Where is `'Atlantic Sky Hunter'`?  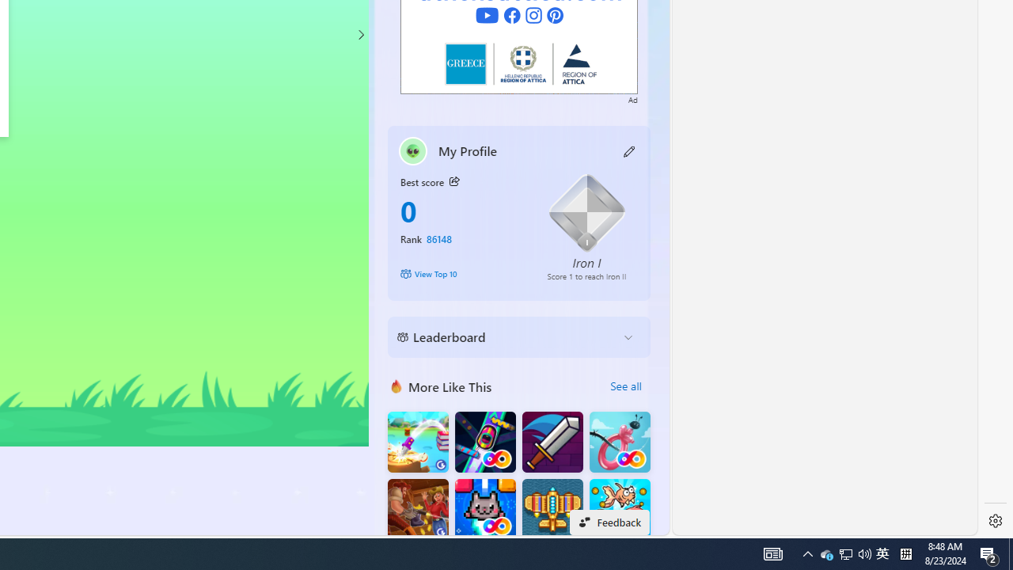 'Atlantic Sky Hunter' is located at coordinates (552, 509).